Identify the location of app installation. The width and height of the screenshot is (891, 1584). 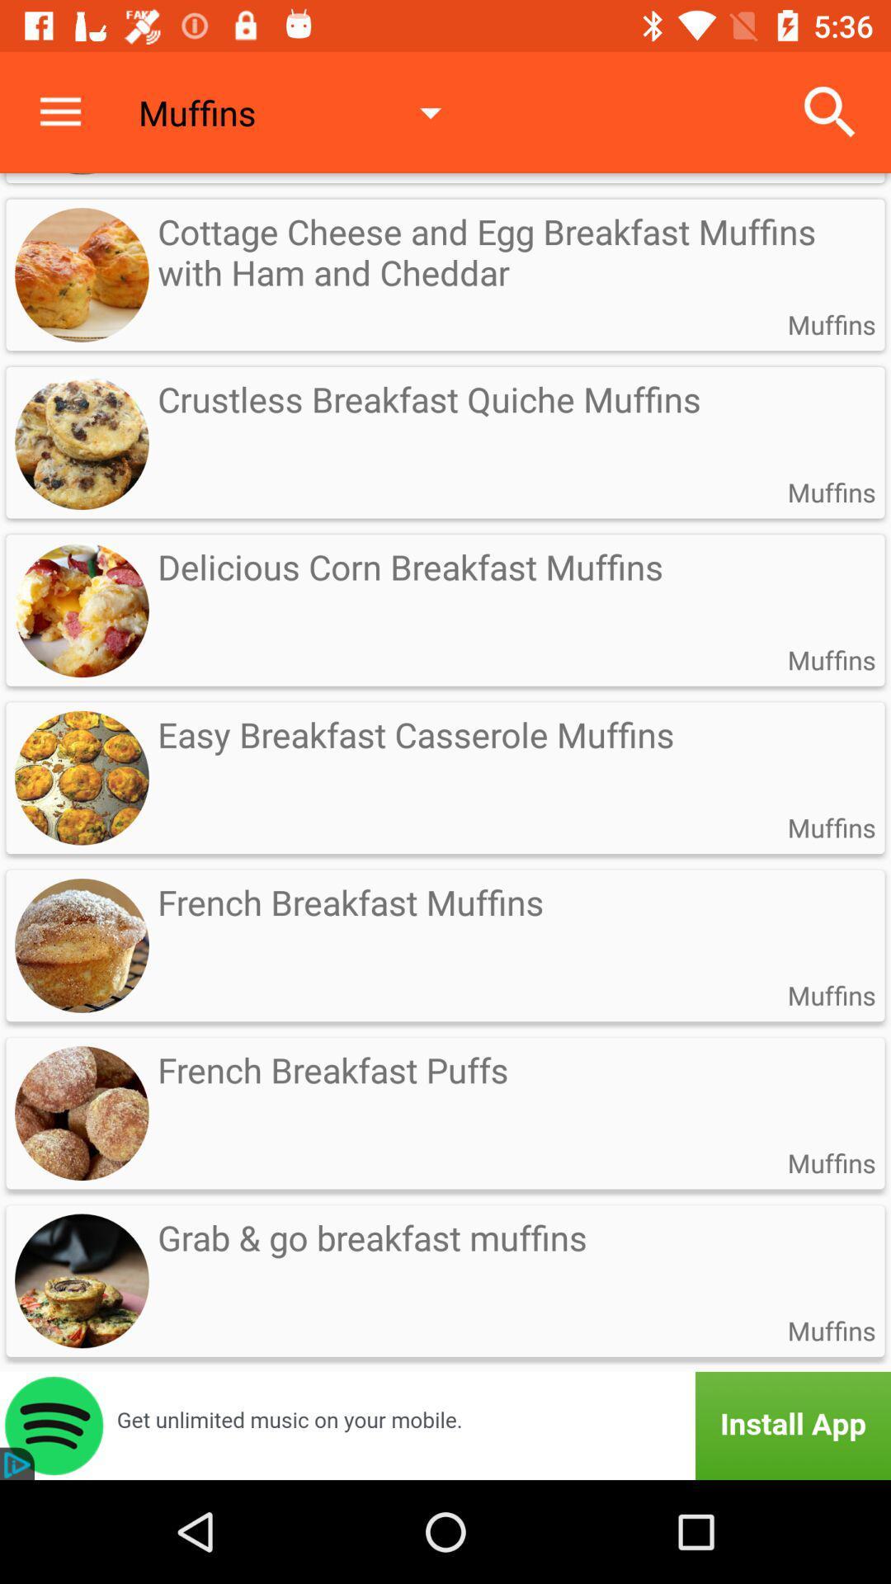
(445, 1425).